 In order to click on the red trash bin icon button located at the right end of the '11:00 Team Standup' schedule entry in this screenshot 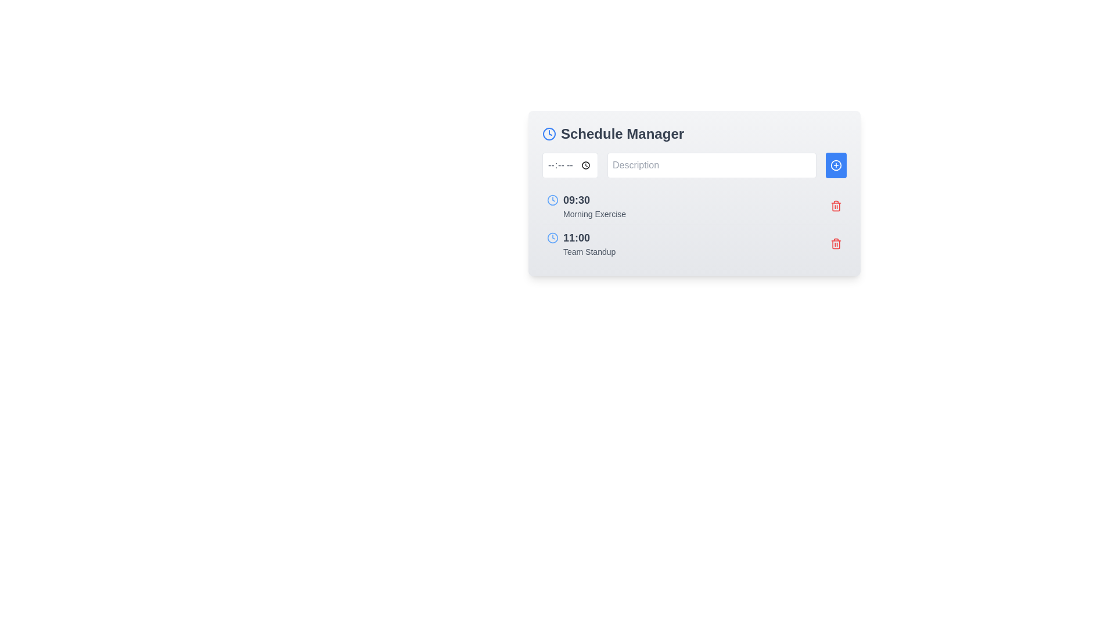, I will do `click(836, 243)`.